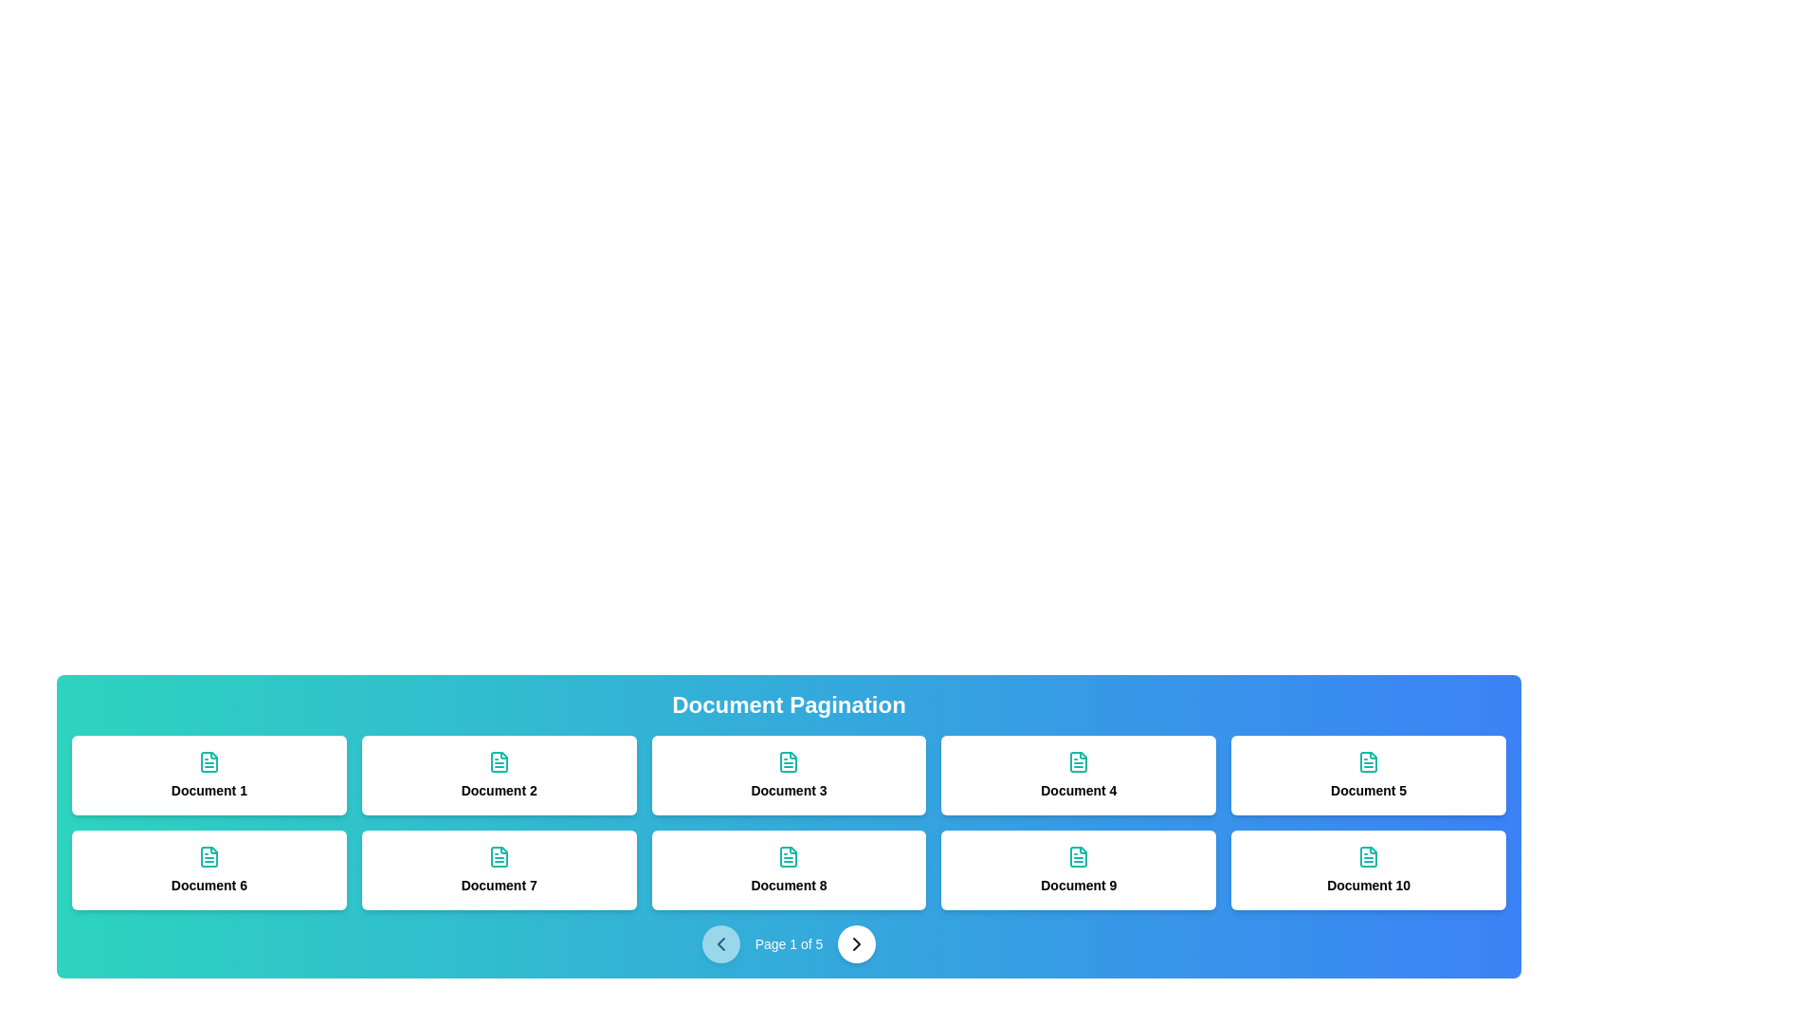 This screenshot has height=1024, width=1820. What do you see at coordinates (499, 885) in the screenshot?
I see `text label that identifies the document card as 'Document 7', located in the center of the card in the second row, second column of the grid layout` at bounding box center [499, 885].